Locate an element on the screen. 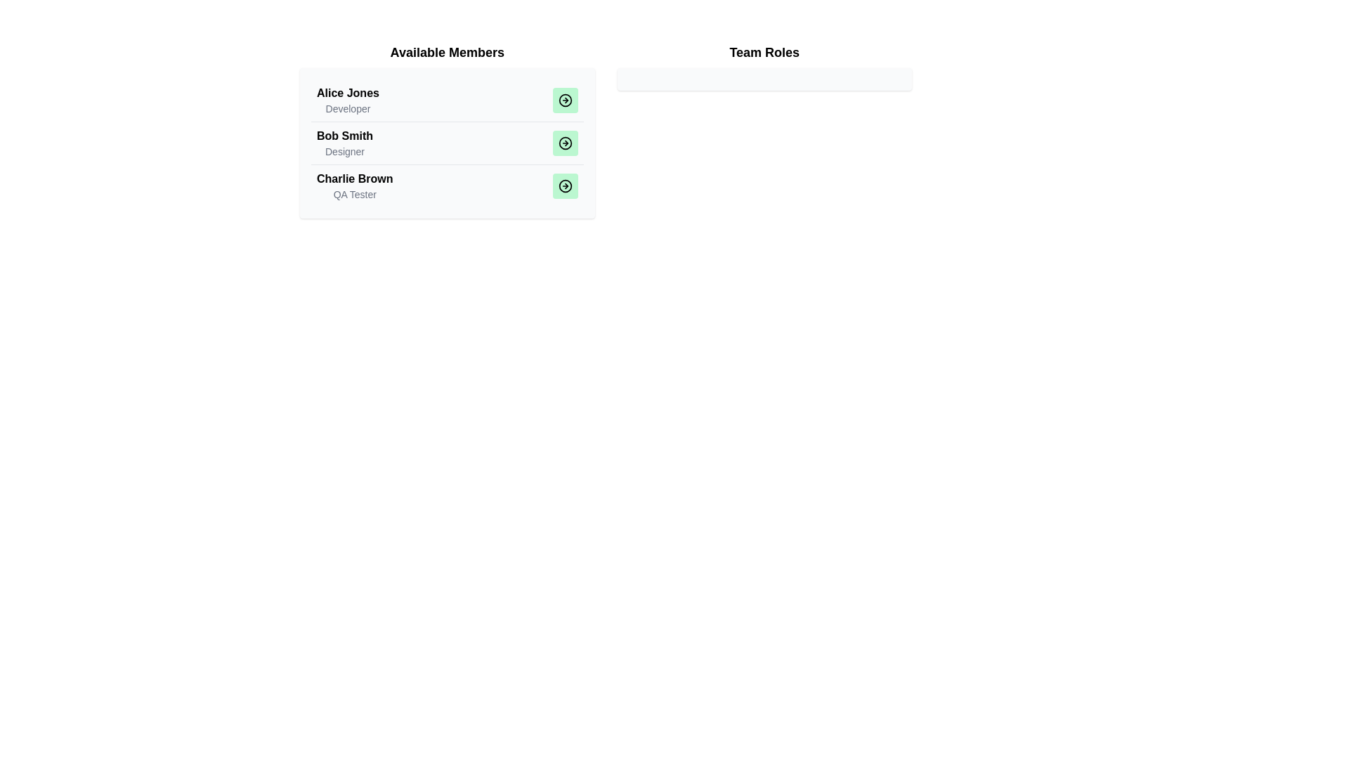  the button corresponding to Bob Smith is located at coordinates (565, 143).